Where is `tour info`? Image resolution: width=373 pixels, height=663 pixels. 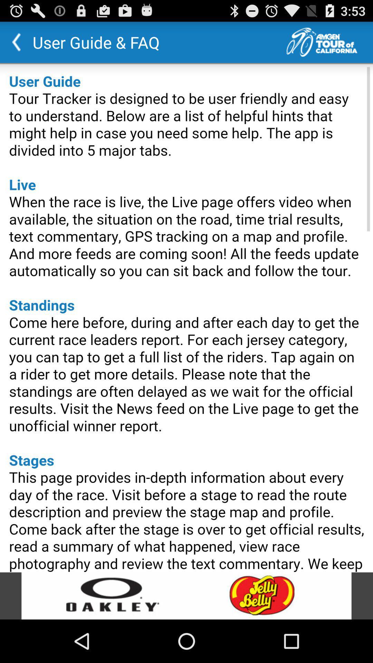
tour info is located at coordinates (329, 42).